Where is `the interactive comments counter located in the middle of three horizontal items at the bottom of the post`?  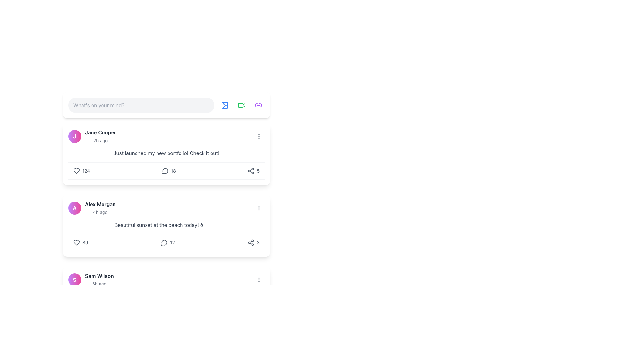 the interactive comments counter located in the middle of three horizontal items at the bottom of the post is located at coordinates (166, 243).